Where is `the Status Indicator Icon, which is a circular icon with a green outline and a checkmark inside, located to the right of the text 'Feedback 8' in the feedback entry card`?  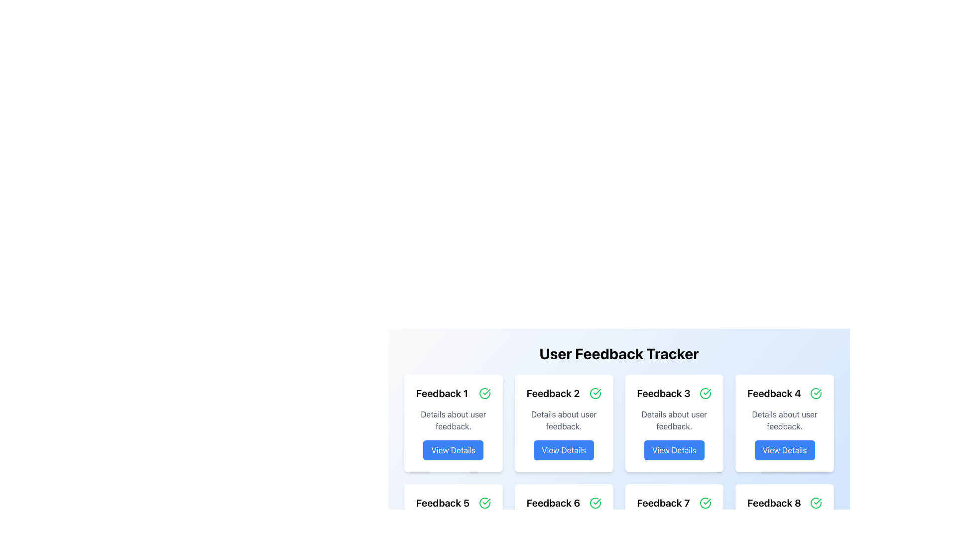
the Status Indicator Icon, which is a circular icon with a green outline and a checkmark inside, located to the right of the text 'Feedback 8' in the feedback entry card is located at coordinates (816, 503).